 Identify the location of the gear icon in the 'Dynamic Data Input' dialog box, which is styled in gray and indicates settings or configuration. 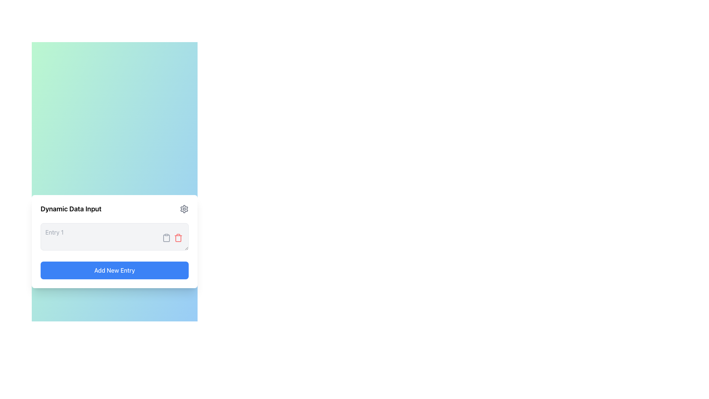
(184, 209).